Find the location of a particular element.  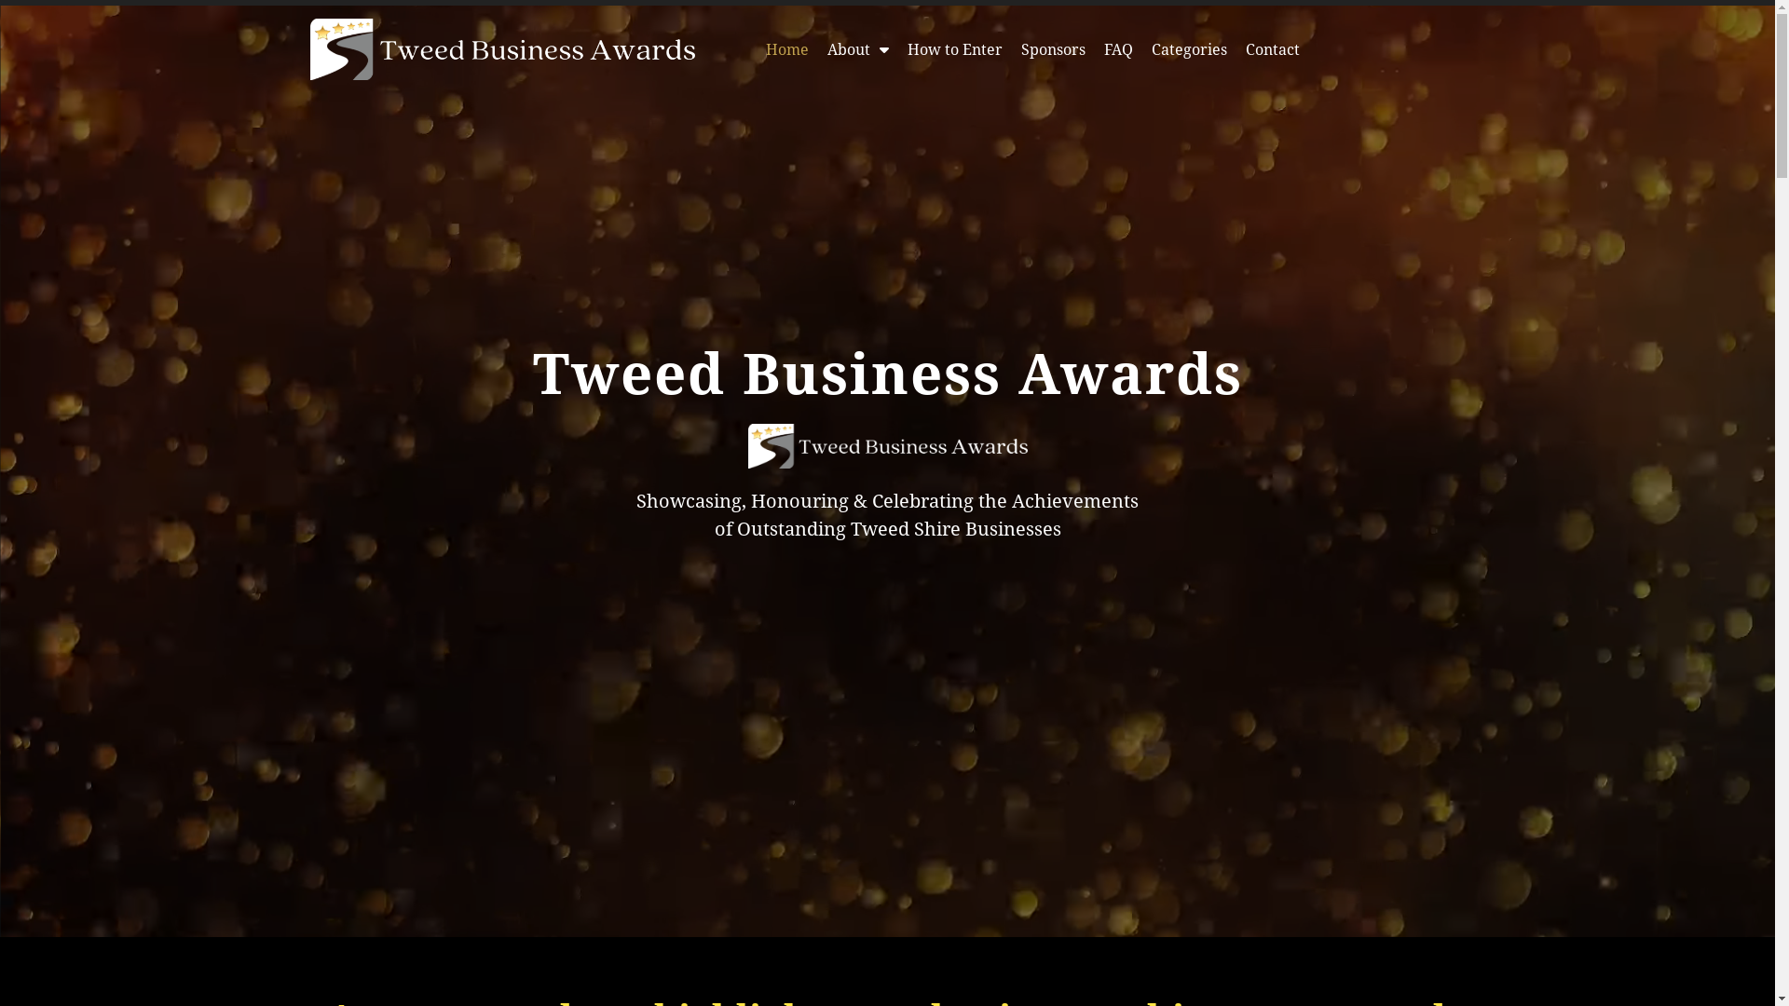

'How to Enter' is located at coordinates (955, 48).